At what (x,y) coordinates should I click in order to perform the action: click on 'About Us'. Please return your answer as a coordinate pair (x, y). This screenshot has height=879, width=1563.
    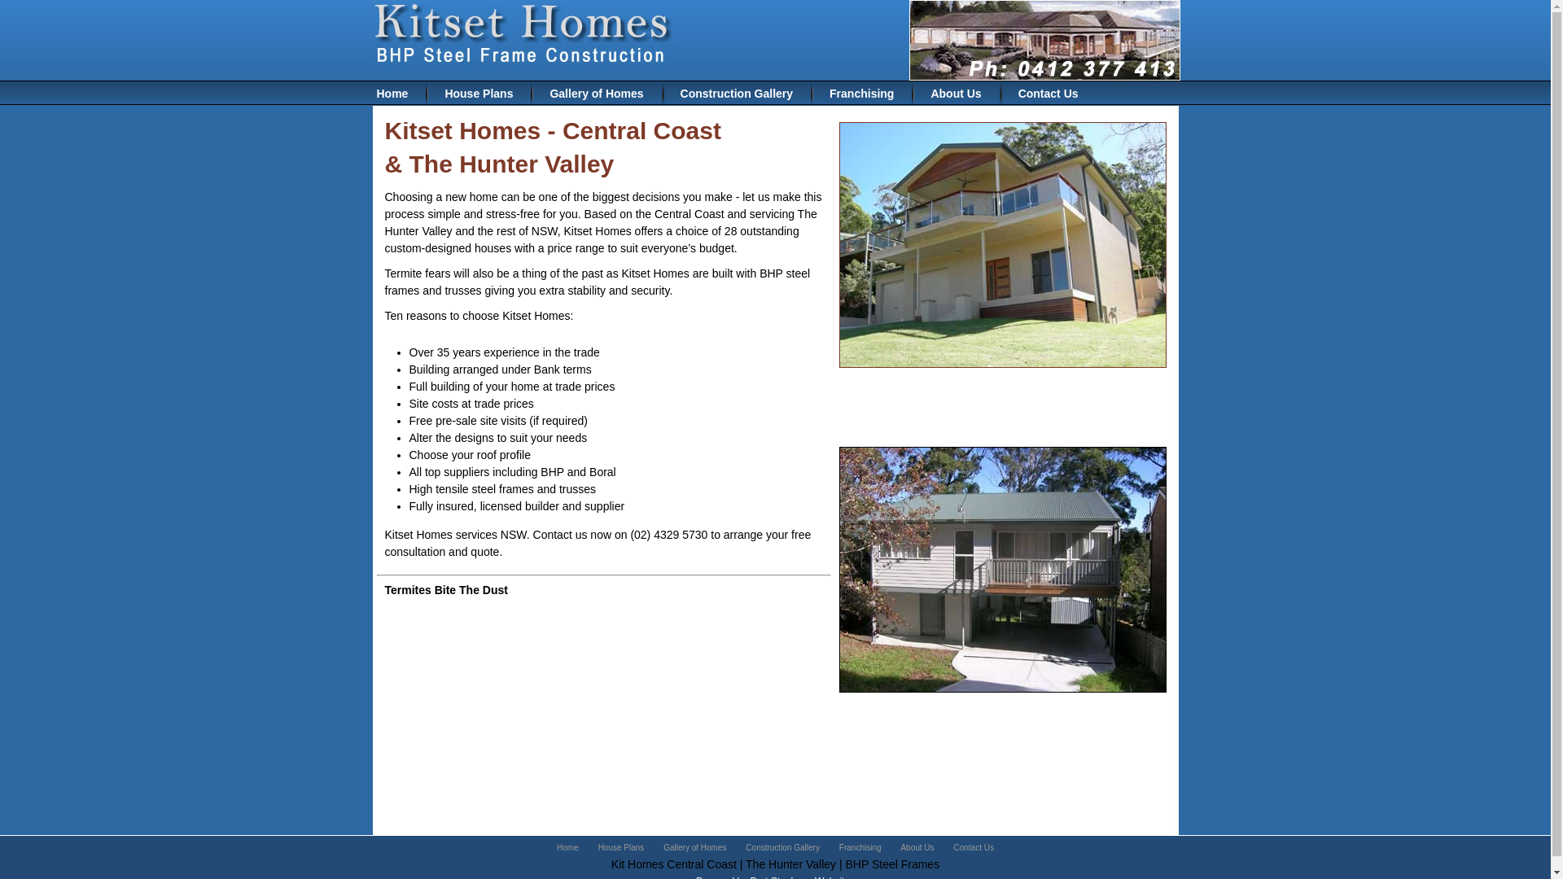
    Looking at the image, I should click on (914, 94).